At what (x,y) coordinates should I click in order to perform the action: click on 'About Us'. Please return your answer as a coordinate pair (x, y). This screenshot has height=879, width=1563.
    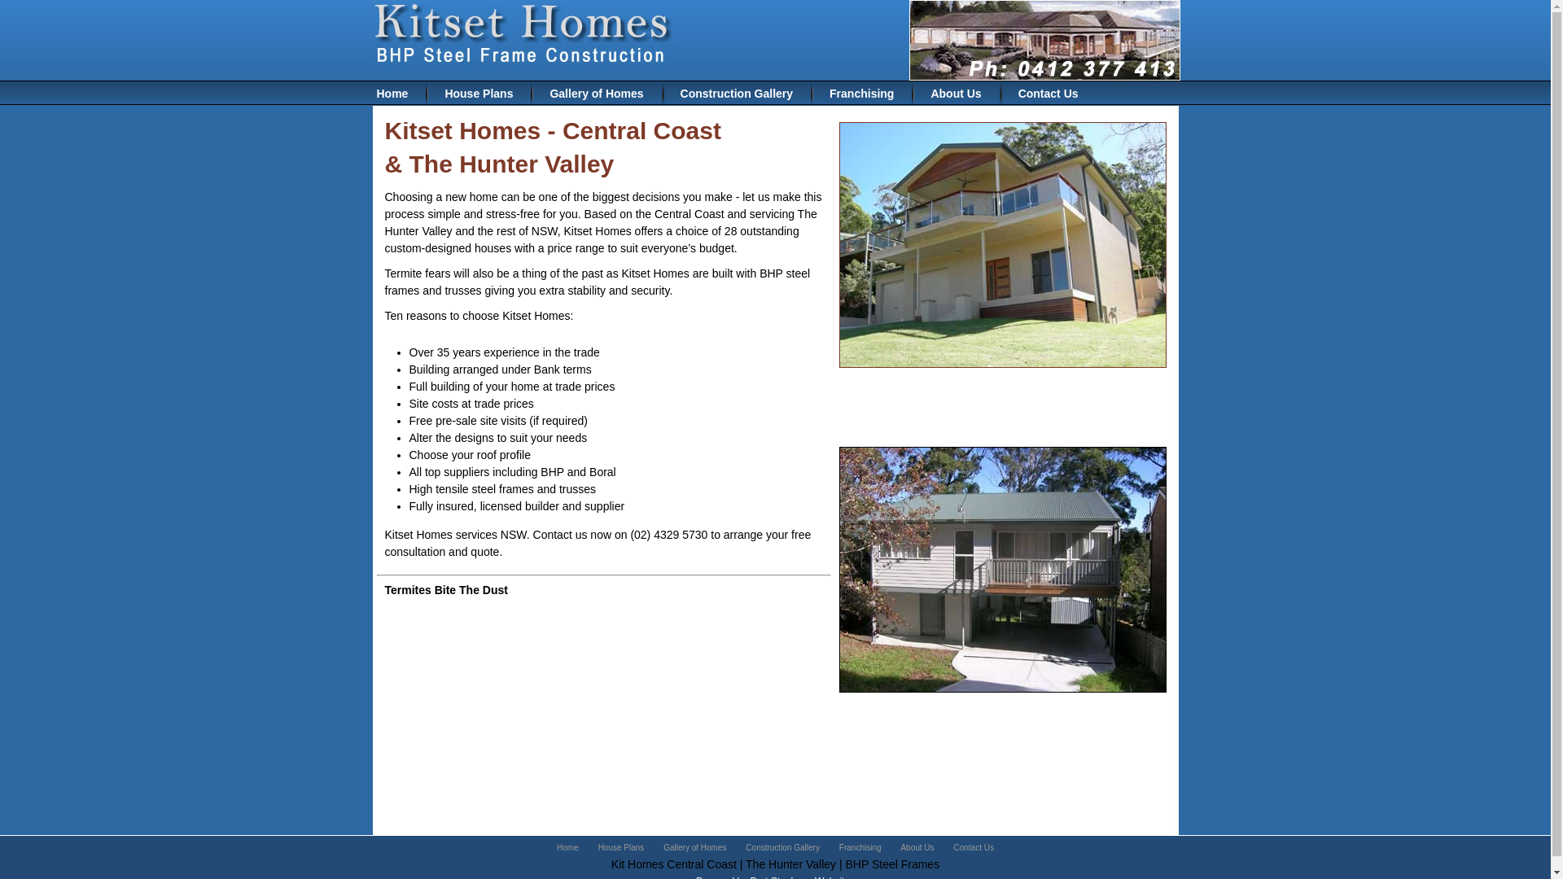
    Looking at the image, I should click on (914, 94).